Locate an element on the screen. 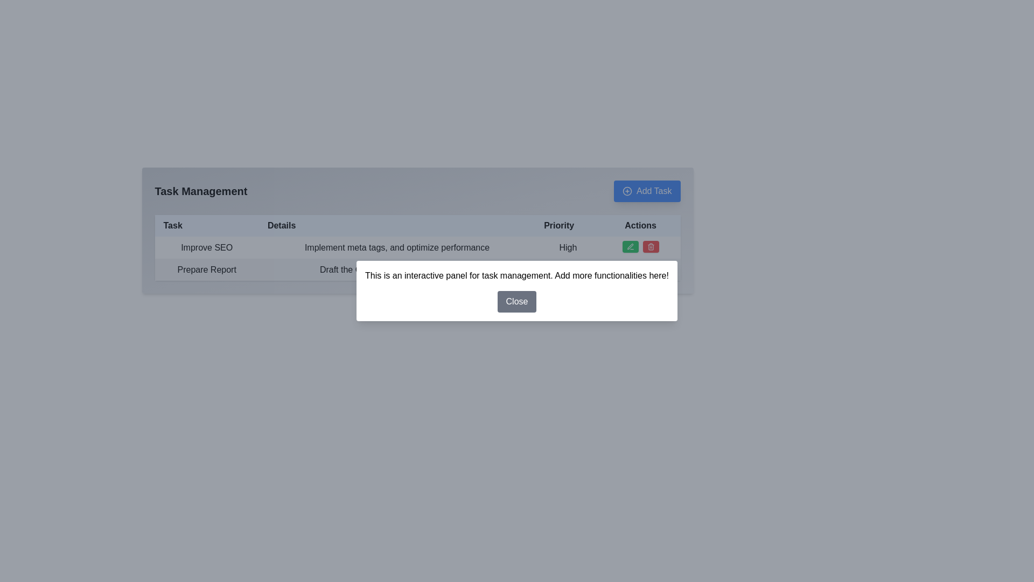  the 'Actions' column header text label in the table, which is the fourth column header located to the right of the 'Priority' column header is located at coordinates (640, 225).